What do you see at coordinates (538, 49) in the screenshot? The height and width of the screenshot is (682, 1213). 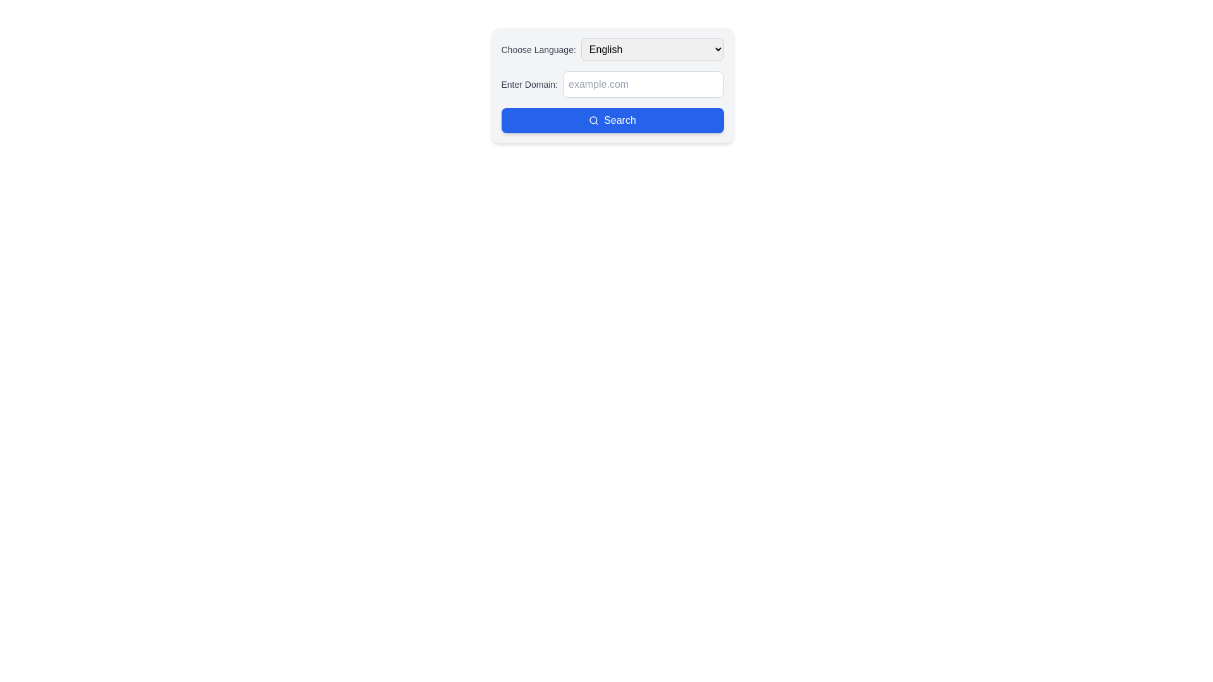 I see `the 'Choose Language:' text label, which is styled in gray with a small font size and located at the top-left corner of the language selection section` at bounding box center [538, 49].